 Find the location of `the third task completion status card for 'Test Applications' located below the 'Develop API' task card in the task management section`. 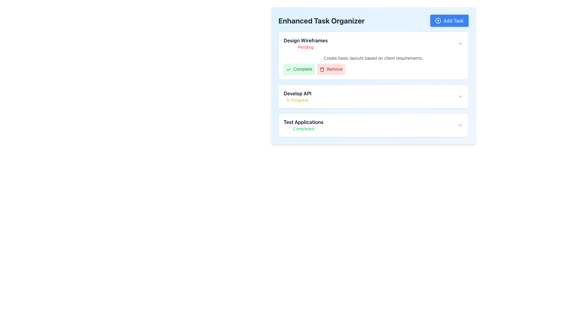

the third task completion status card for 'Test Applications' located below the 'Develop API' task card in the task management section is located at coordinates (373, 125).